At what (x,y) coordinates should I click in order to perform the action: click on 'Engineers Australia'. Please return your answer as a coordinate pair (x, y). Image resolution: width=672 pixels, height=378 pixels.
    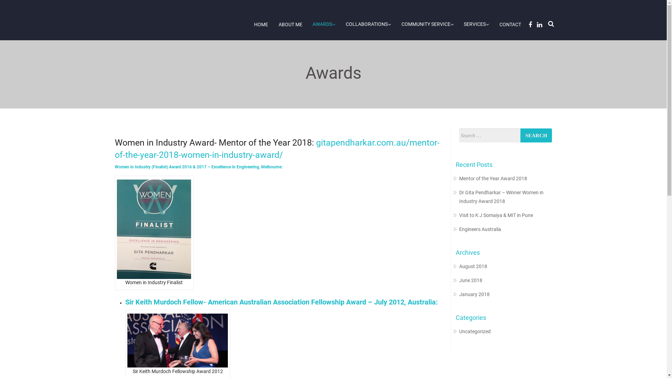
    Looking at the image, I should click on (480, 229).